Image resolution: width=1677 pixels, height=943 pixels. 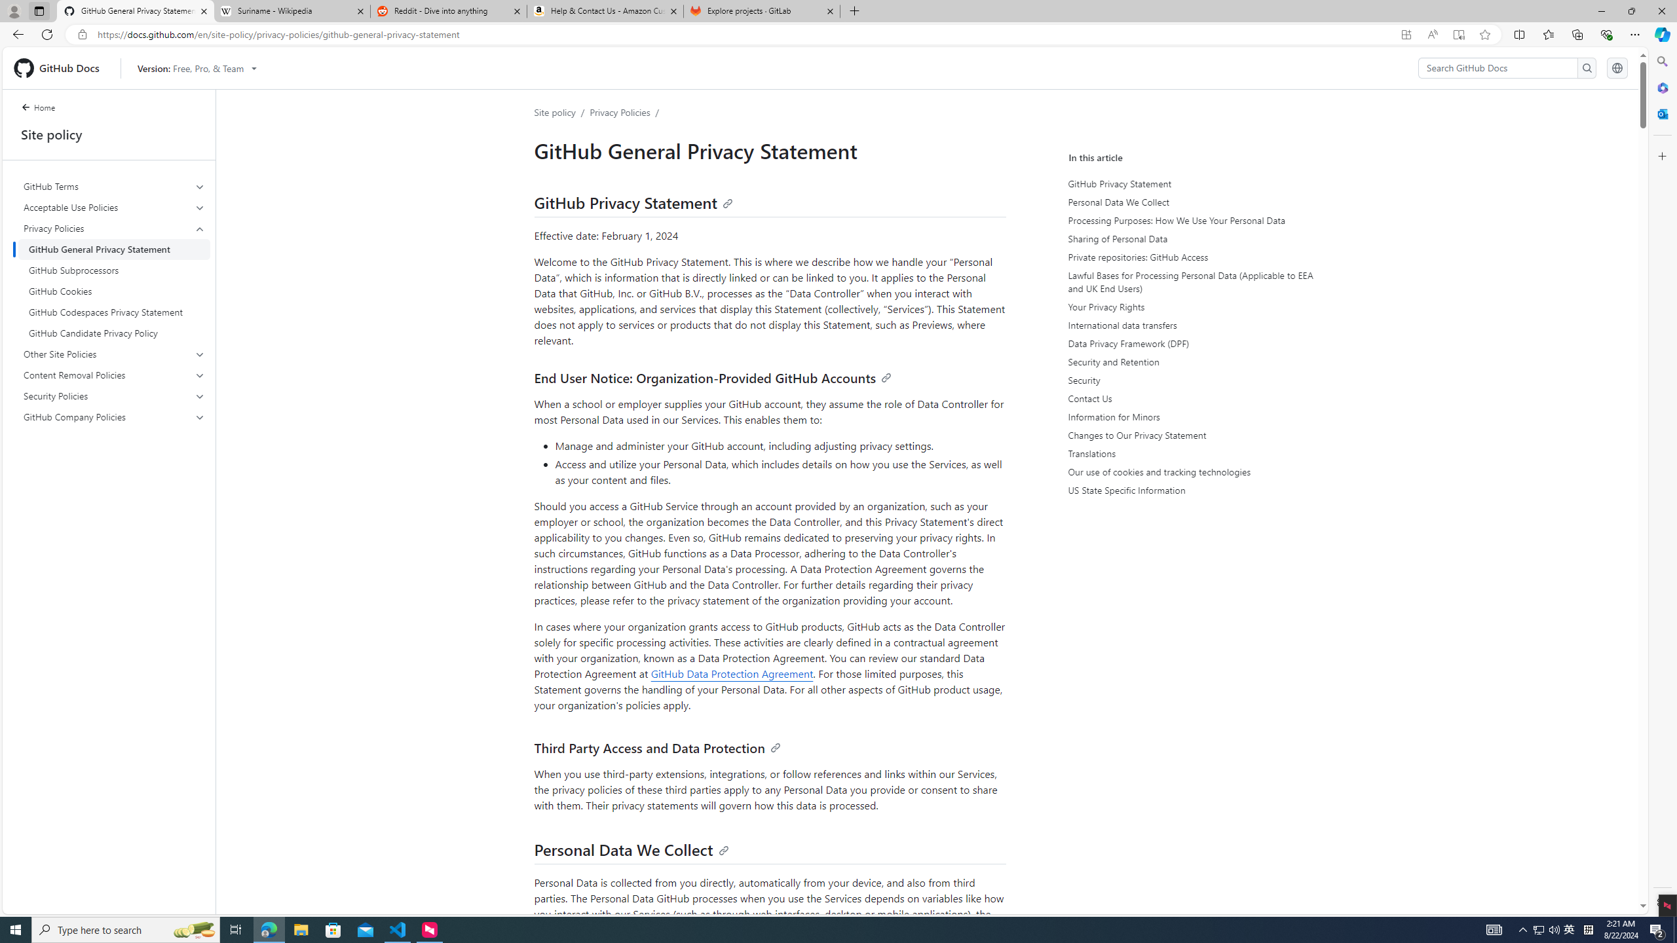 What do you see at coordinates (1191, 361) in the screenshot?
I see `'Security and Retention'` at bounding box center [1191, 361].